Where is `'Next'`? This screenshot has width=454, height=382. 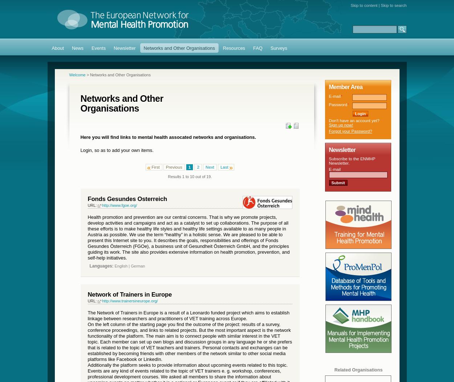 'Next' is located at coordinates (209, 166).